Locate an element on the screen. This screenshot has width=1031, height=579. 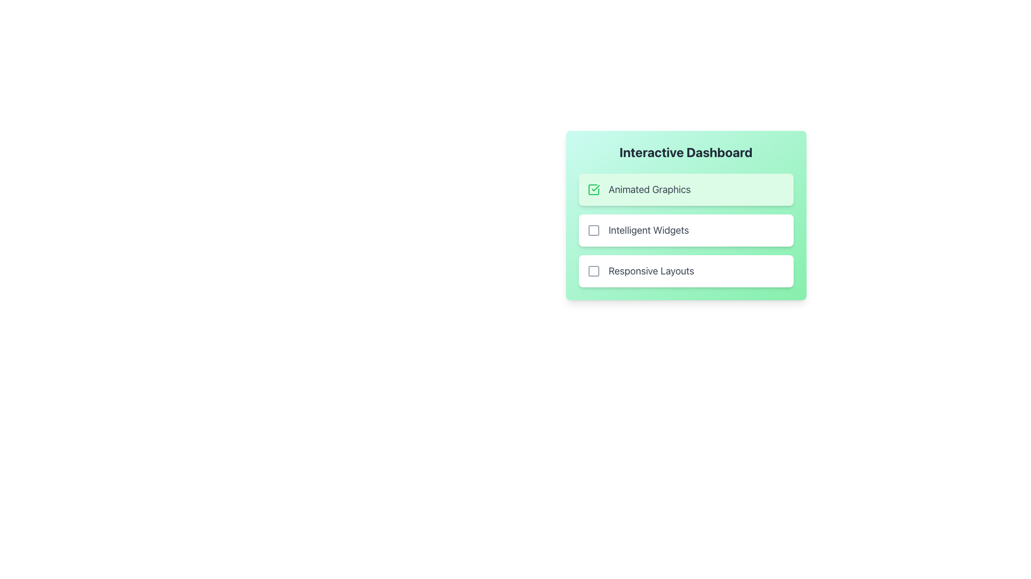
visual state of the square-shaped icon with a gray border located to the left of the text 'Intelligent Widgets' is located at coordinates (593, 229).